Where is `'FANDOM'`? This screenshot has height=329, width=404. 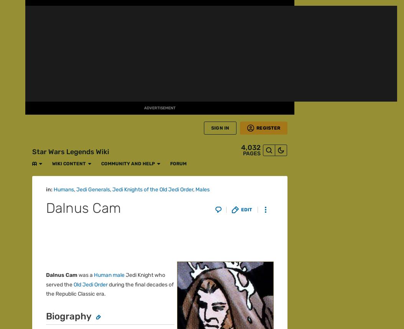
'FANDOM' is located at coordinates (12, 25).